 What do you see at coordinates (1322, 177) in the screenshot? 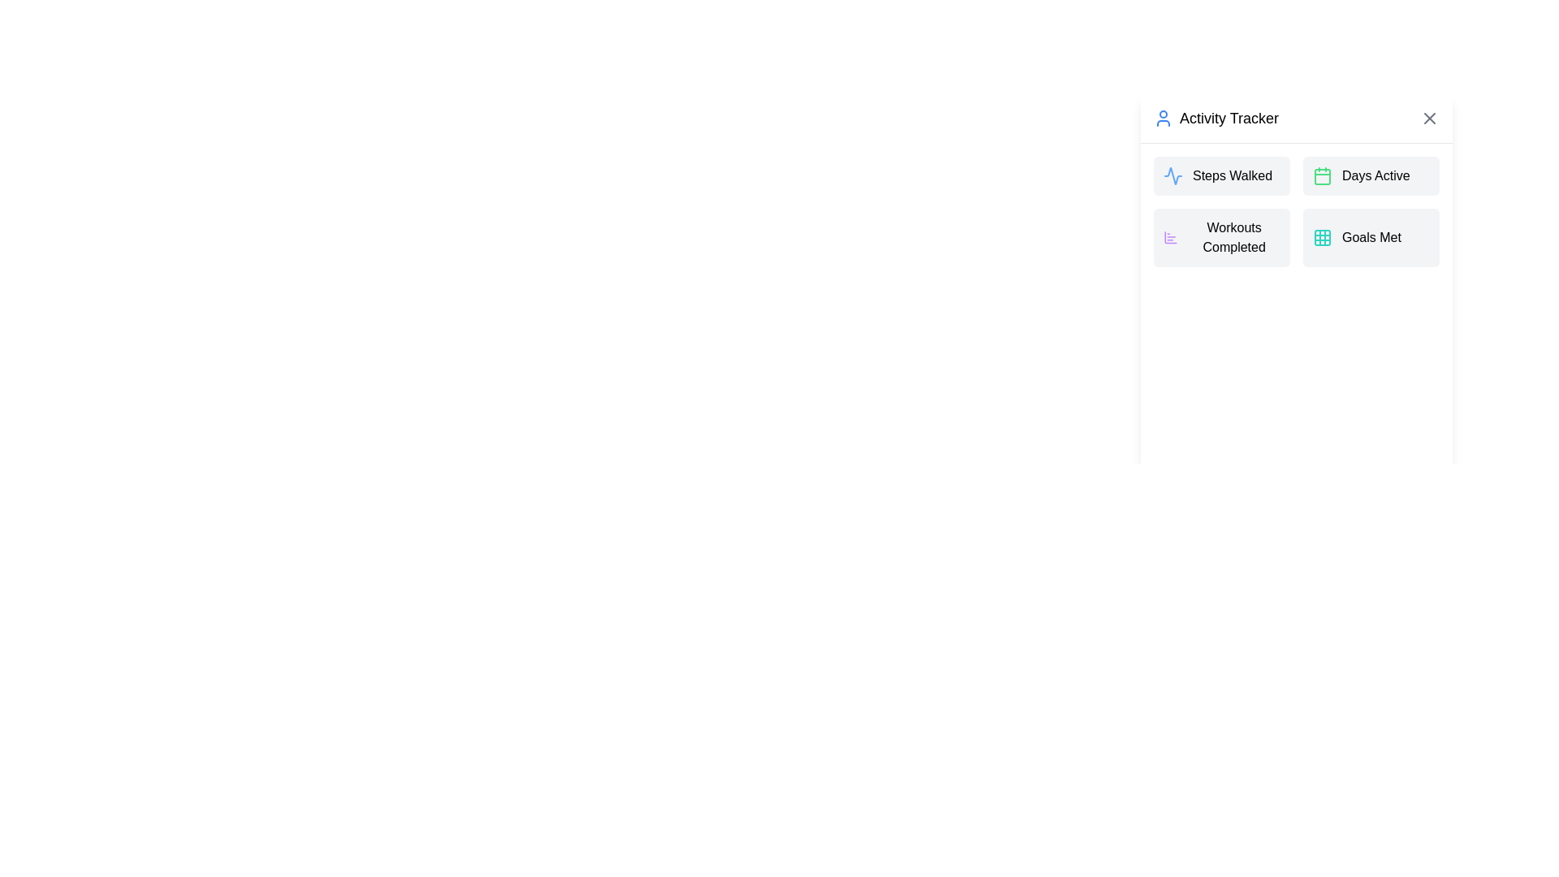
I see `the decorative rectangle part of the 'Days Active' icon in the Activity Tracker section` at bounding box center [1322, 177].